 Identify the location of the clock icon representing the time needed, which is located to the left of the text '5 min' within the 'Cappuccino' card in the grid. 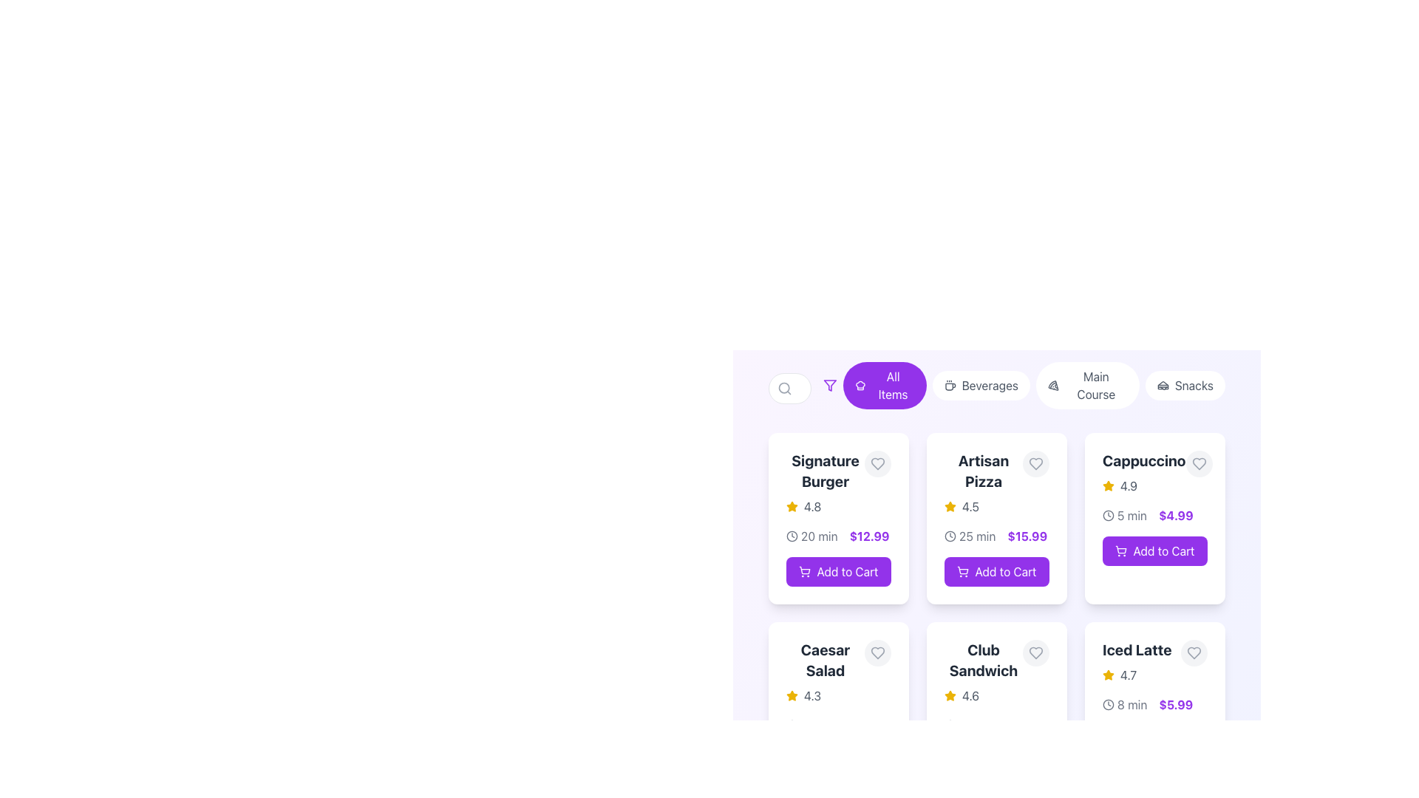
(1108, 515).